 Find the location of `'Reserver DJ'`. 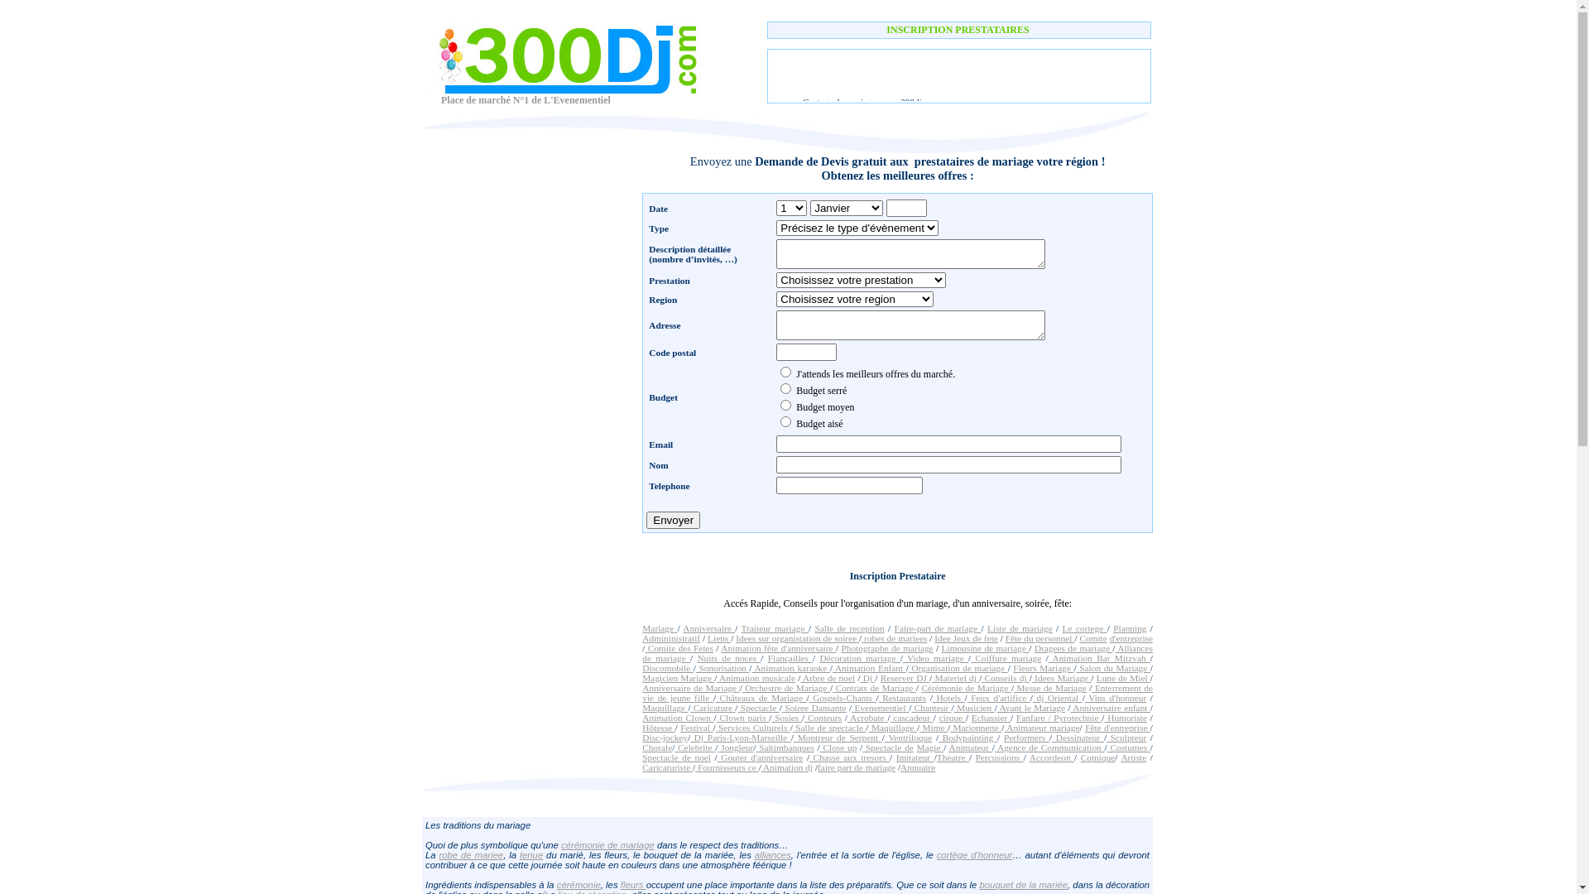

'Reserver DJ' is located at coordinates (880, 677).